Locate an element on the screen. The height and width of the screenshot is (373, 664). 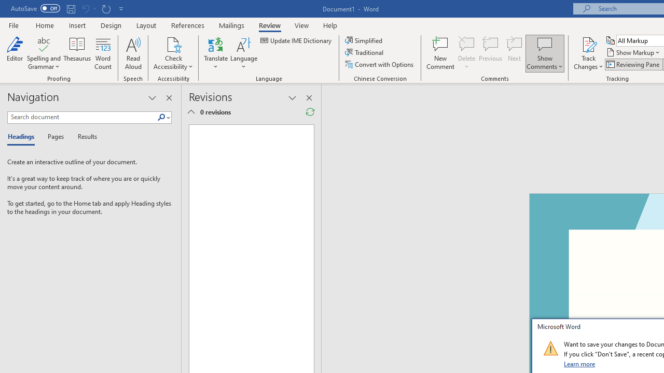
'Simplified' is located at coordinates (364, 40).